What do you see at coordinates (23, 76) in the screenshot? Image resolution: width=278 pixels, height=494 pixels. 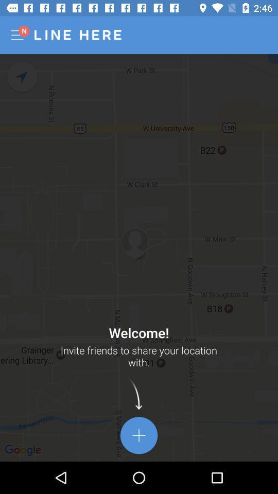 I see `start naviagation` at bounding box center [23, 76].